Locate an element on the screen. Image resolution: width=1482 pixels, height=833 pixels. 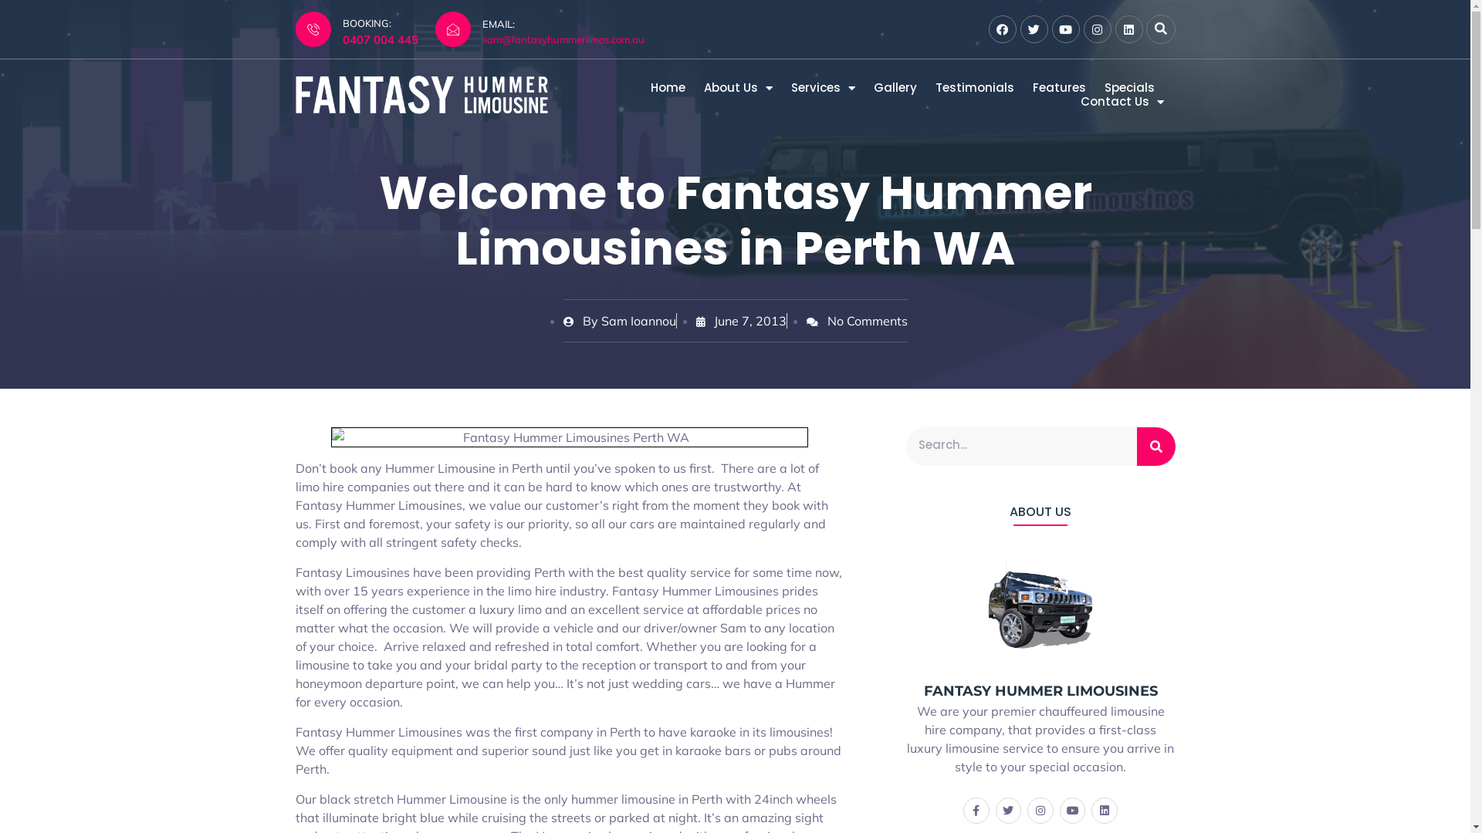
'June 7, 2013' is located at coordinates (695, 320).